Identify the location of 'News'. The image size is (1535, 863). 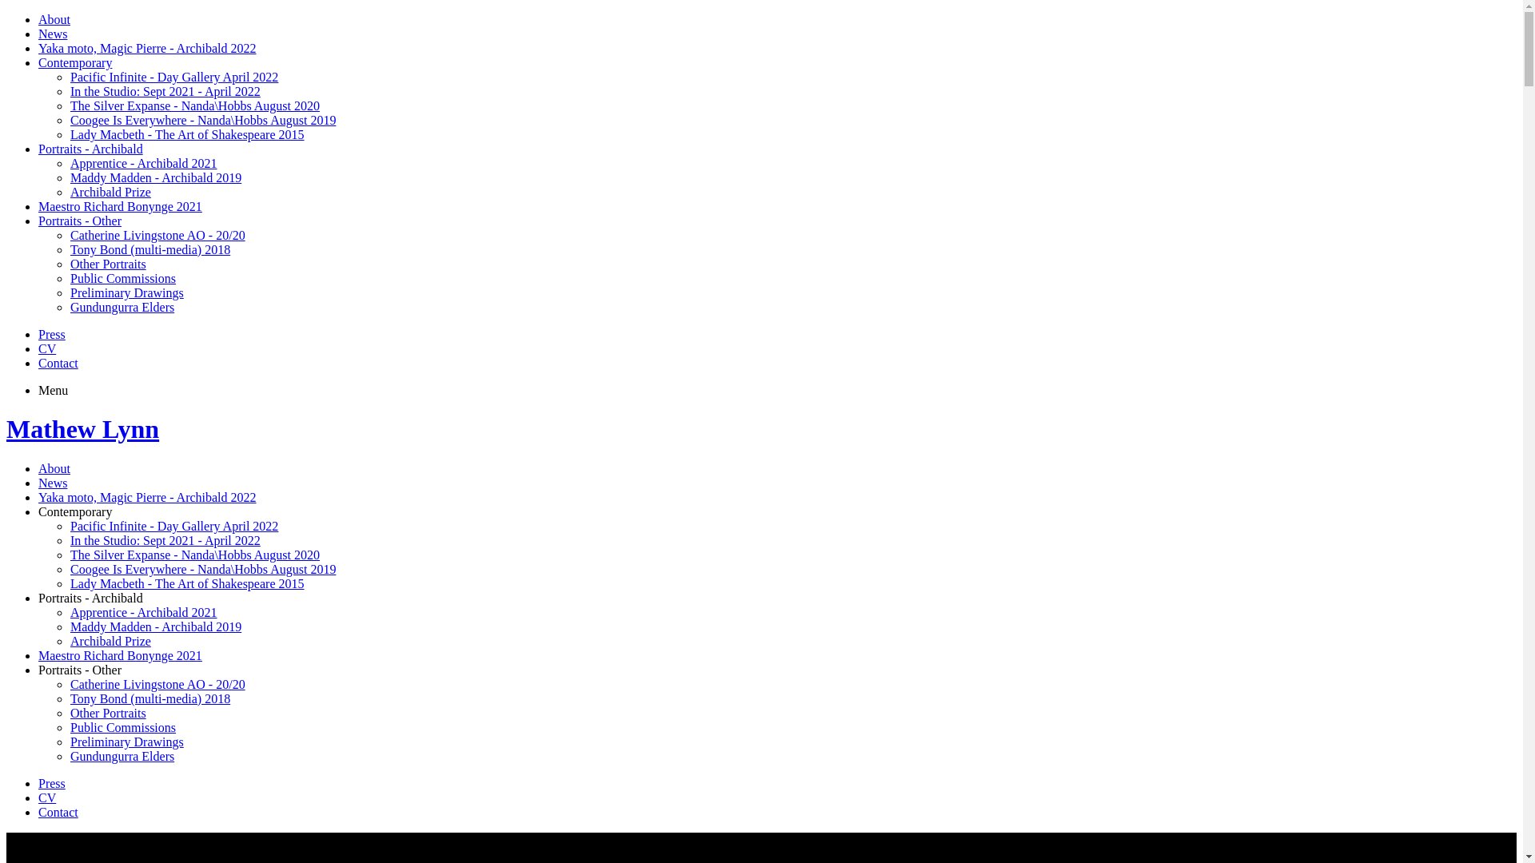
(38, 482).